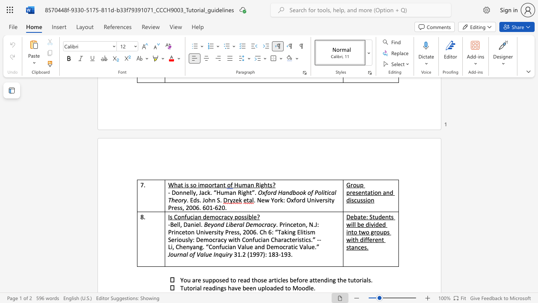  What do you see at coordinates (179, 224) in the screenshot?
I see `the subset text ", D" within the text "-Bell, Daniel."` at bounding box center [179, 224].